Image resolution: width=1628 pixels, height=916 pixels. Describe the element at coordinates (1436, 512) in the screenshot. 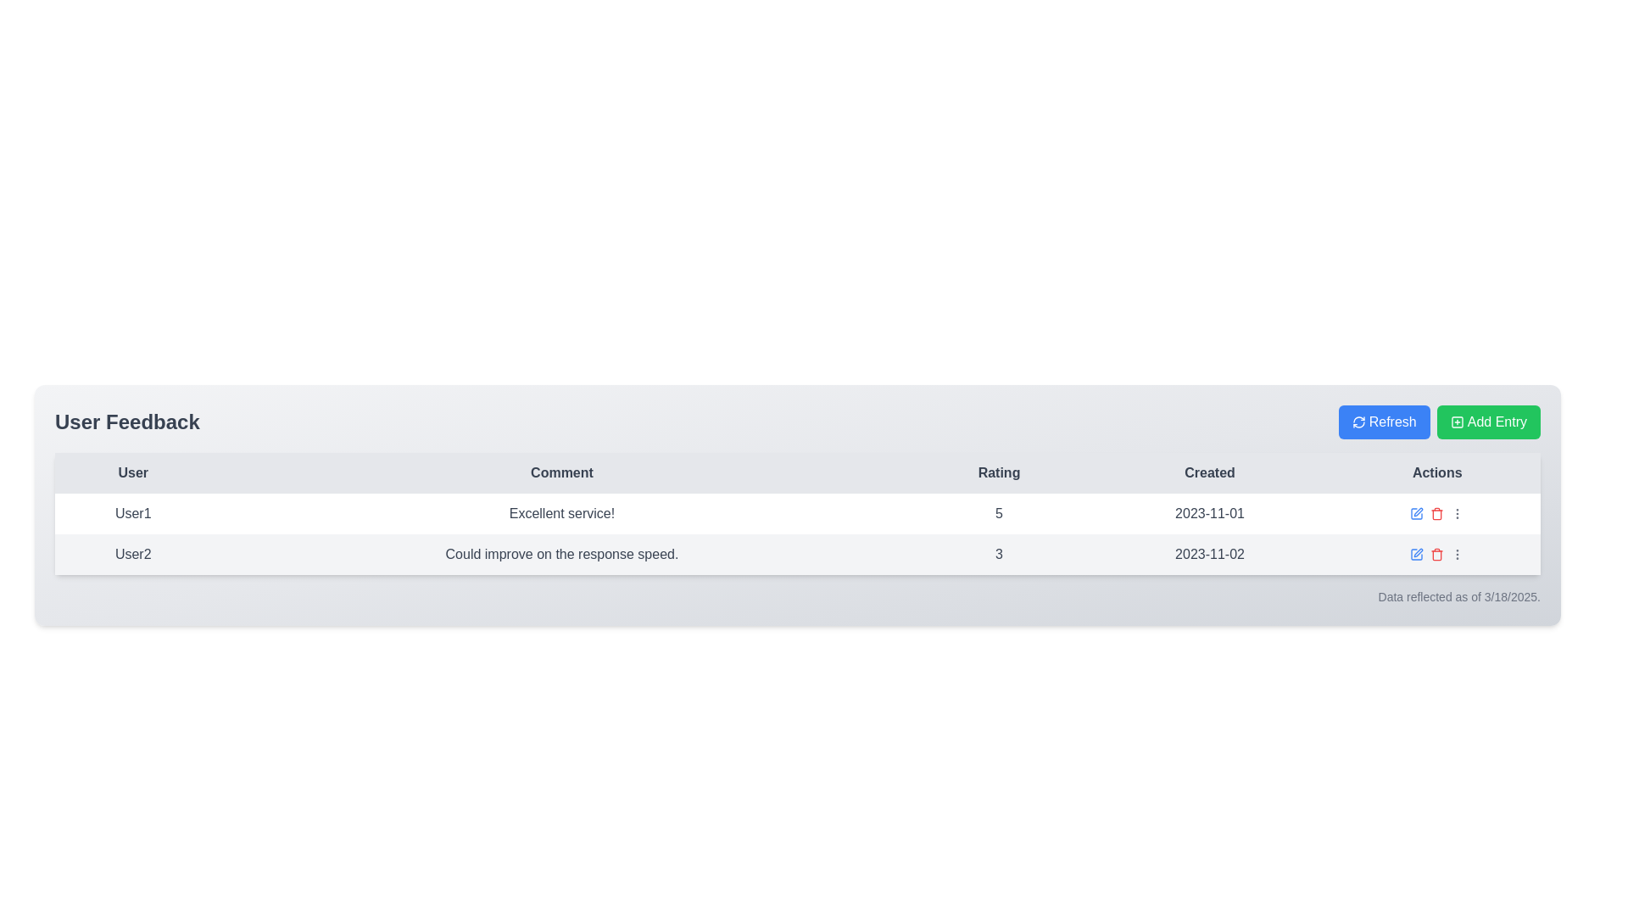

I see `the red trash icon button in the actions column of the second row of the feedback table, which is associated with delete actions` at that location.